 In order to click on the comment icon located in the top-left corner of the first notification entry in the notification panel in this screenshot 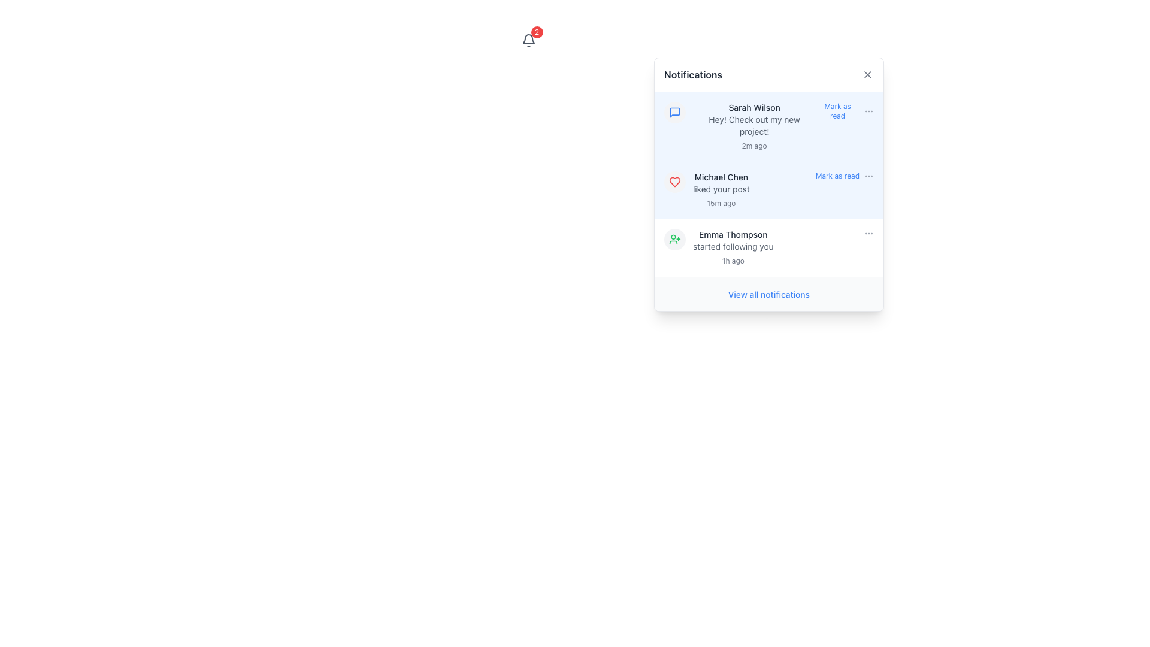, I will do `click(675, 113)`.